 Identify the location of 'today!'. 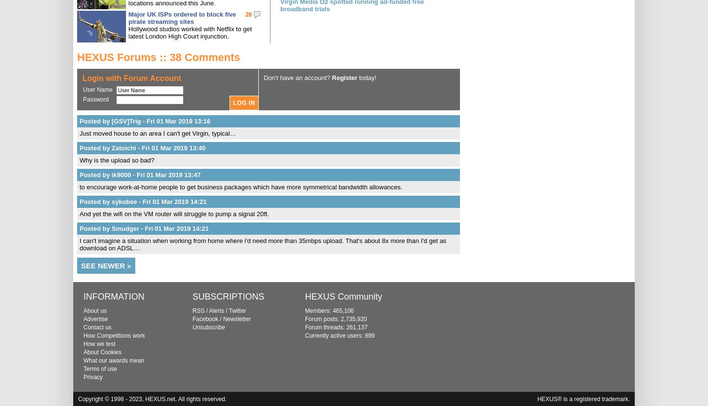
(366, 77).